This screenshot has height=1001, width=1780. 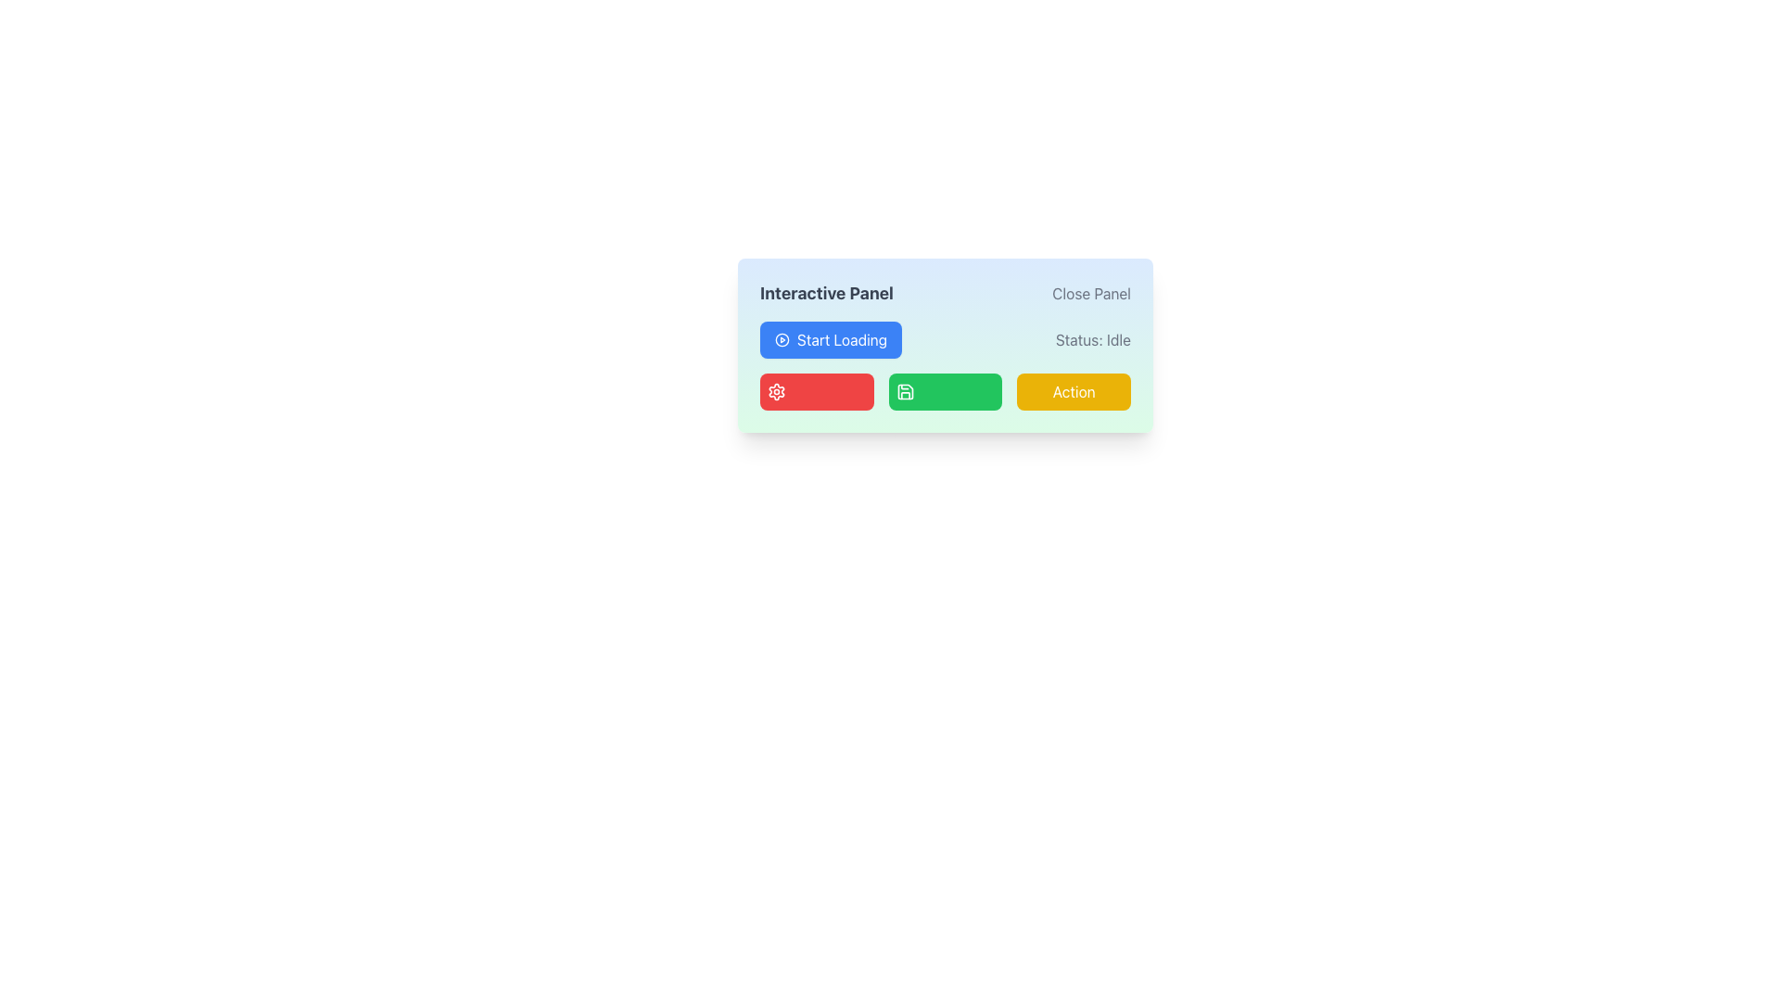 I want to click on the settings button with an icon, which is the first button on the left in a horizontal row below the 'Start Loading' button, so click(x=777, y=391).